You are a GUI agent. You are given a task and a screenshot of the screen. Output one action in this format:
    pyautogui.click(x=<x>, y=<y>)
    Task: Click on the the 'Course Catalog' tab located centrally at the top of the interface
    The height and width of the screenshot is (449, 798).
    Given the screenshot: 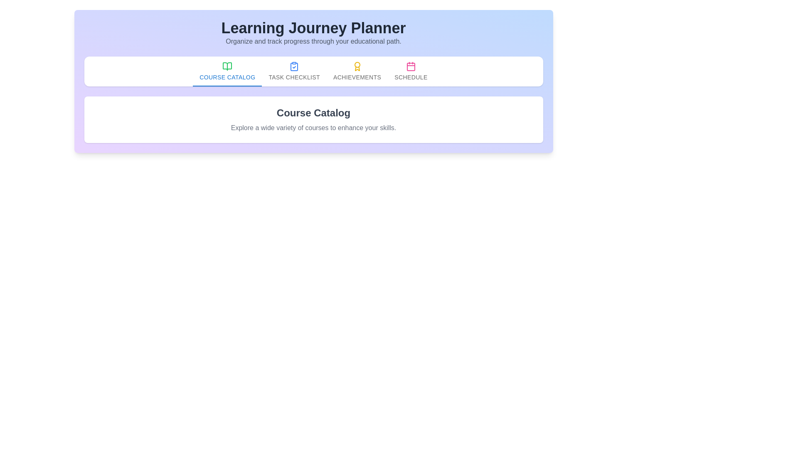 What is the action you would take?
    pyautogui.click(x=227, y=71)
    